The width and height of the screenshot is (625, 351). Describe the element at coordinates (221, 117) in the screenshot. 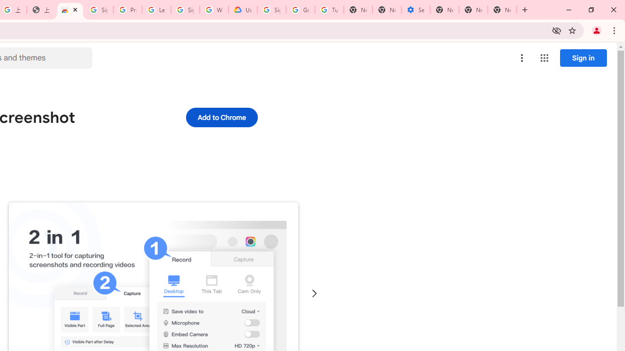

I see `'Add to Chrome'` at that location.